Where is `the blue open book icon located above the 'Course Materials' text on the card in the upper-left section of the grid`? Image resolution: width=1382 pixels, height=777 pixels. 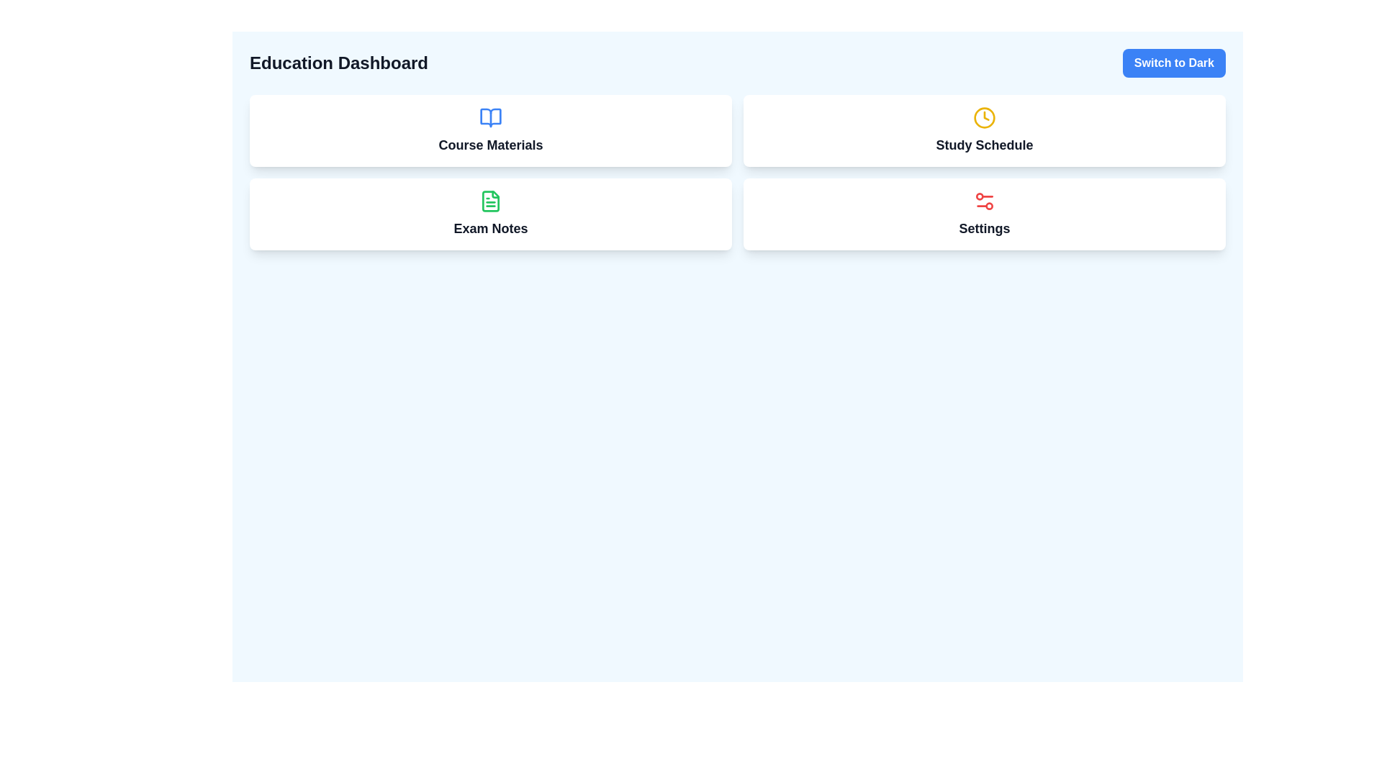 the blue open book icon located above the 'Course Materials' text on the card in the upper-left section of the grid is located at coordinates (490, 117).